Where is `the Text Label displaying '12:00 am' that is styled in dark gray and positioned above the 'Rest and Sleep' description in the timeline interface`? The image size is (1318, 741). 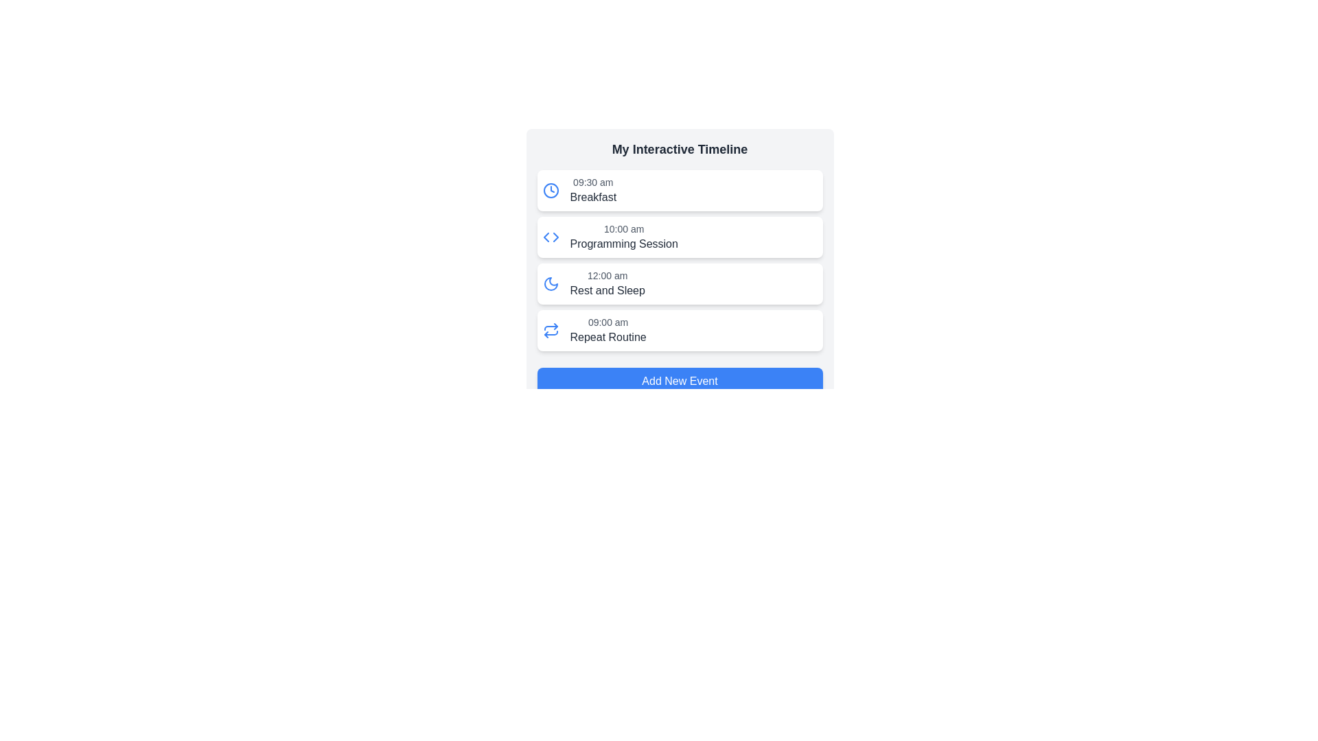 the Text Label displaying '12:00 am' that is styled in dark gray and positioned above the 'Rest and Sleep' description in the timeline interface is located at coordinates (607, 275).